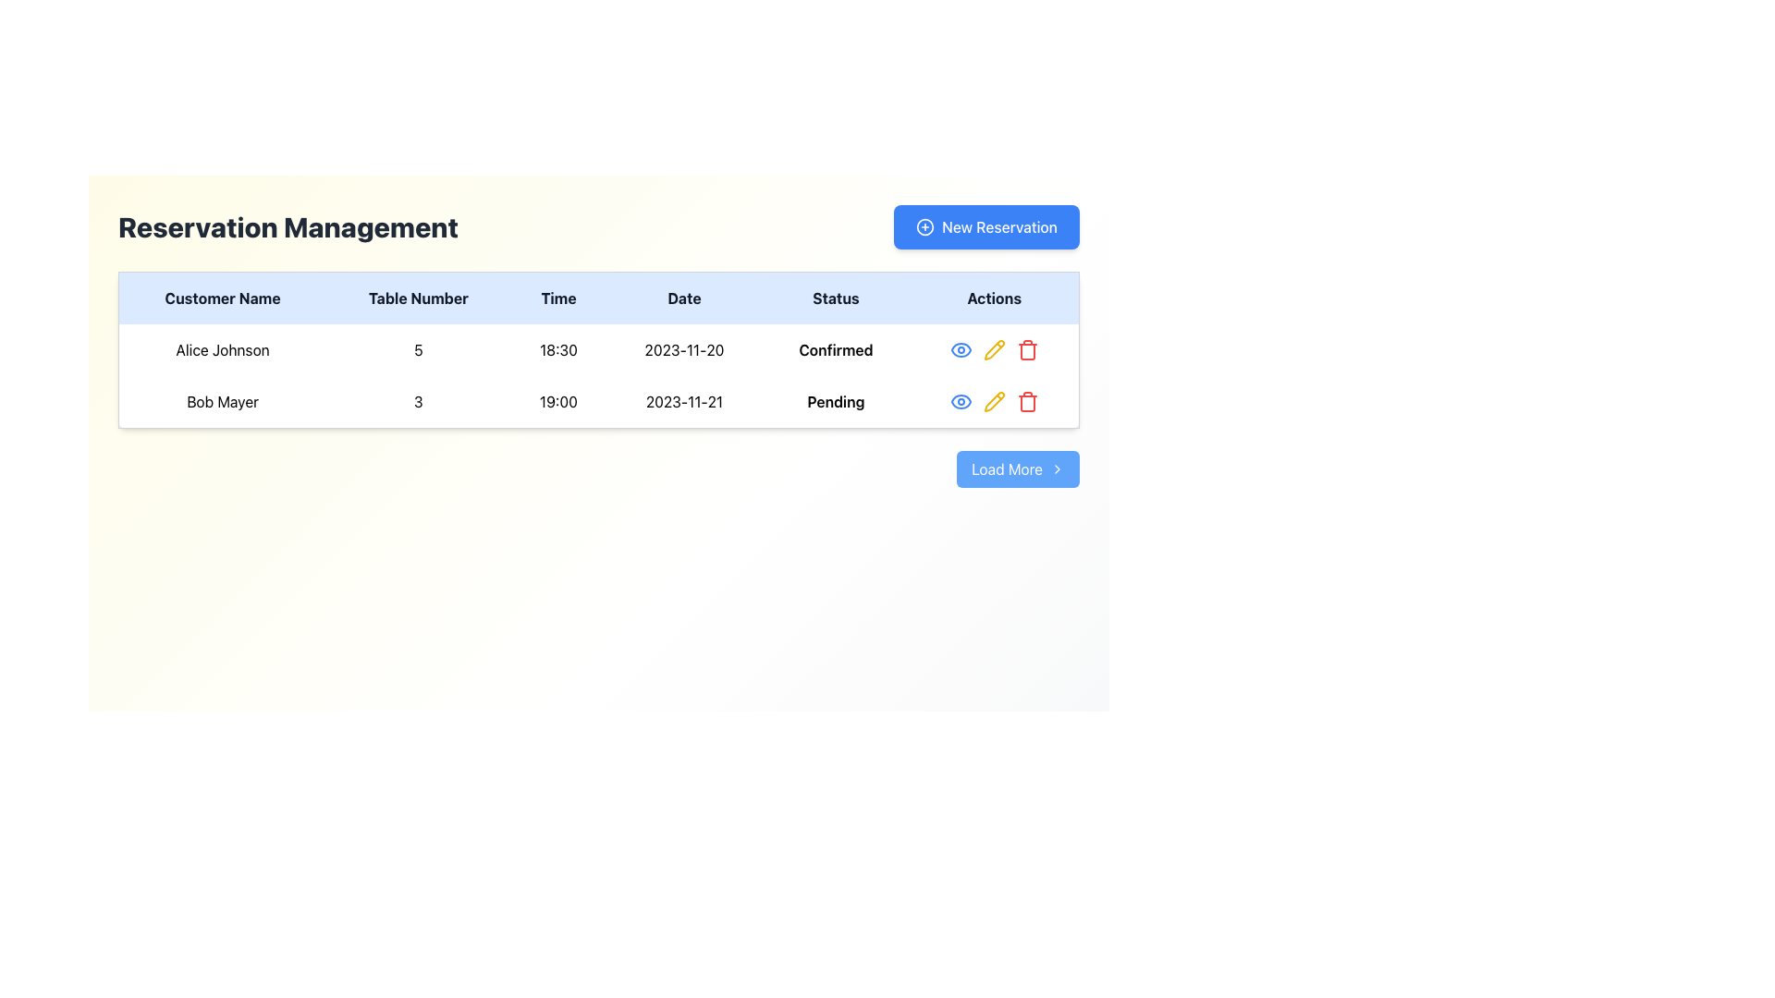  Describe the element at coordinates (557, 401) in the screenshot. I see `the text displaying the time '19:00' in the 'Time' column of the second row of the table, which is associated with a reservation for 'Bob Mayer'` at that location.